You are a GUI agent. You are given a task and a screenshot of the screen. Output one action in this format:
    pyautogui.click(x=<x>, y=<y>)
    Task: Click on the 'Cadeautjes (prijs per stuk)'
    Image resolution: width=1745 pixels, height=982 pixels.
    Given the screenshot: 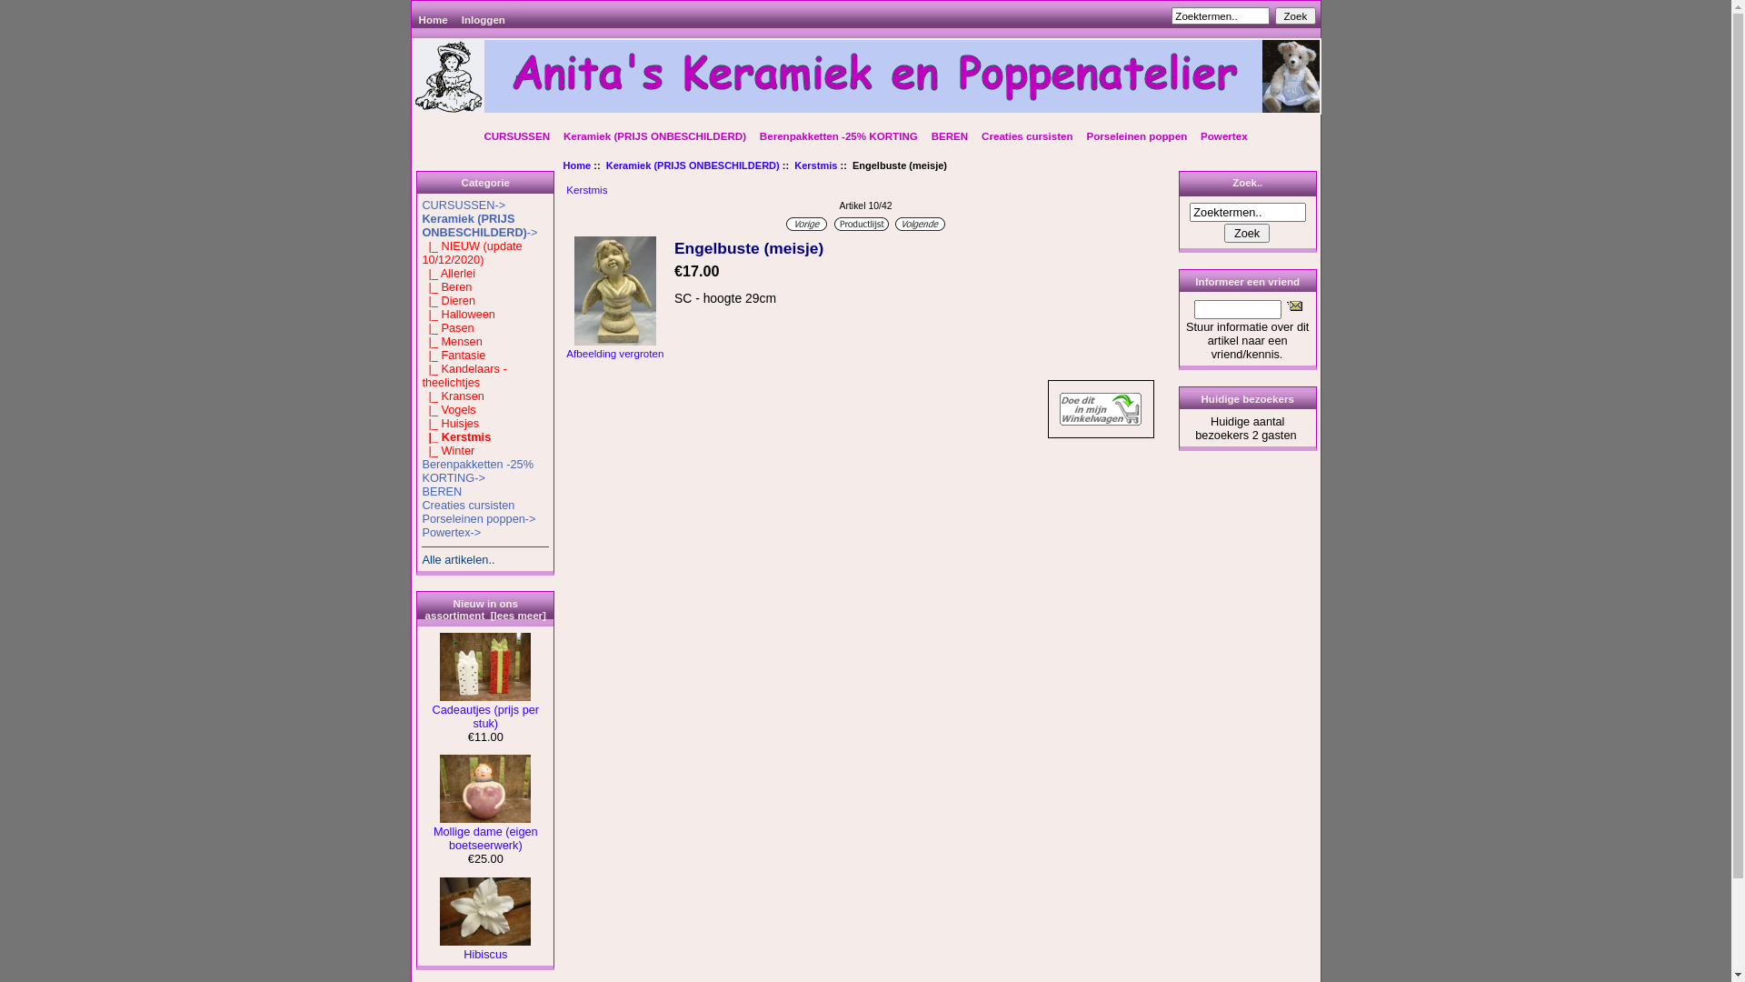 What is the action you would take?
    pyautogui.click(x=431, y=710)
    